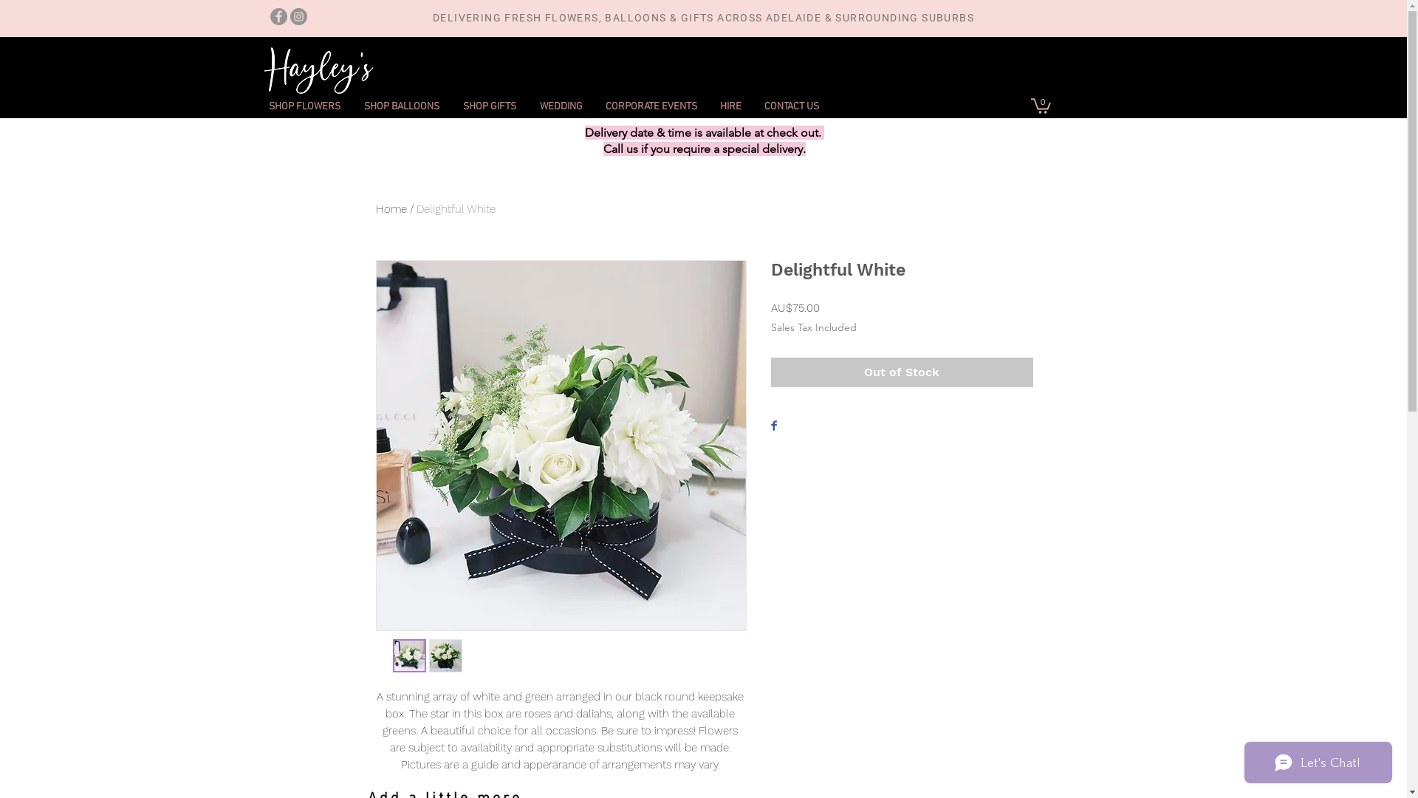 The width and height of the screenshot is (1418, 798). I want to click on 'Home', so click(390, 208).